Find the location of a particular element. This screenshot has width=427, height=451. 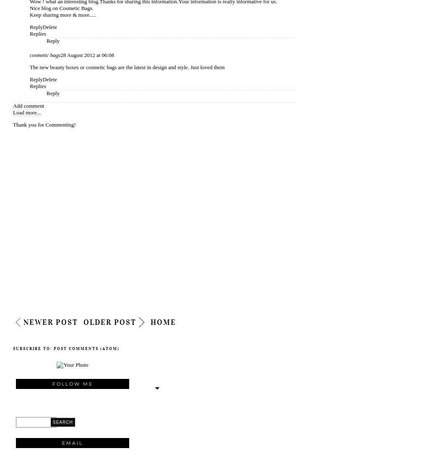

'cosmetic bags' is located at coordinates (44, 54).